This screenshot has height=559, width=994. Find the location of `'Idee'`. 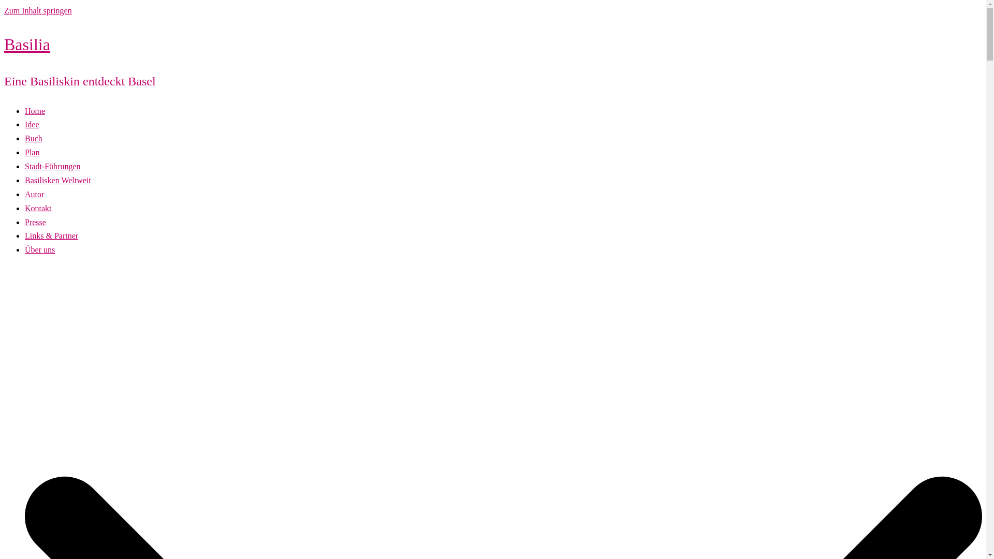

'Idee' is located at coordinates (32, 124).